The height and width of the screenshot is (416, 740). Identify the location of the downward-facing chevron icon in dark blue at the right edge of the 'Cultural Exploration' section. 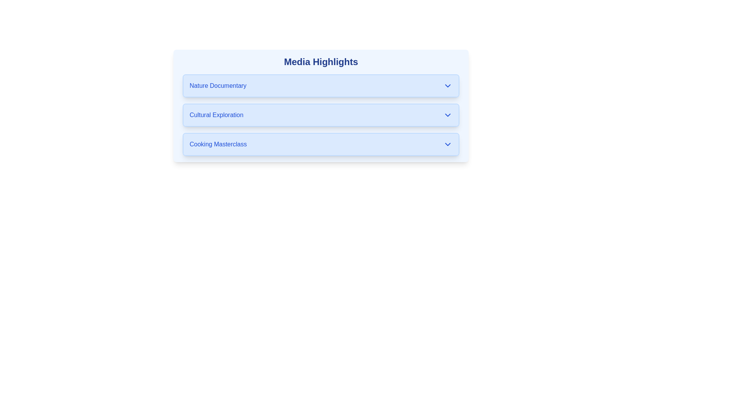
(447, 115).